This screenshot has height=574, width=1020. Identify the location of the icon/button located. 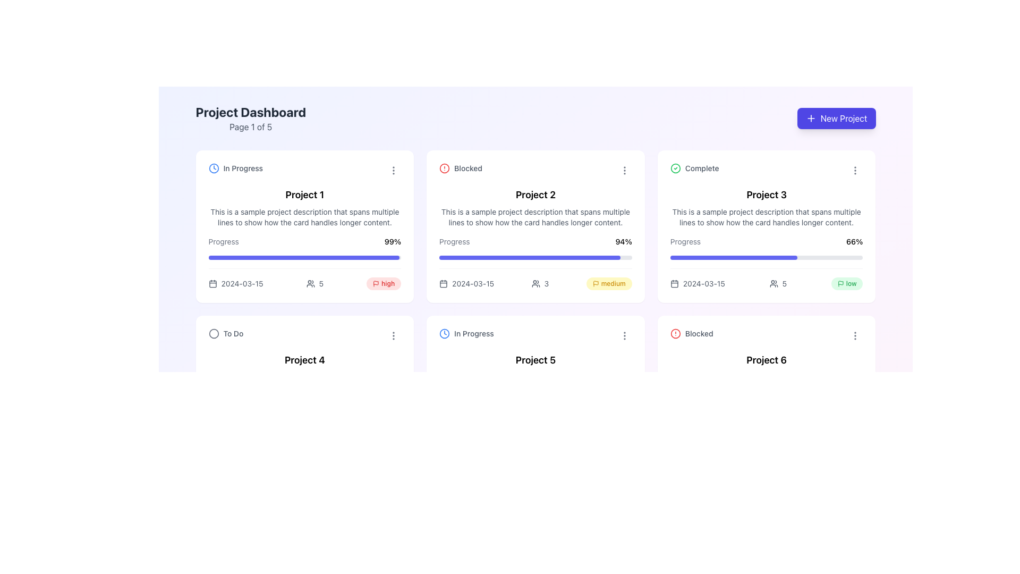
(393, 336).